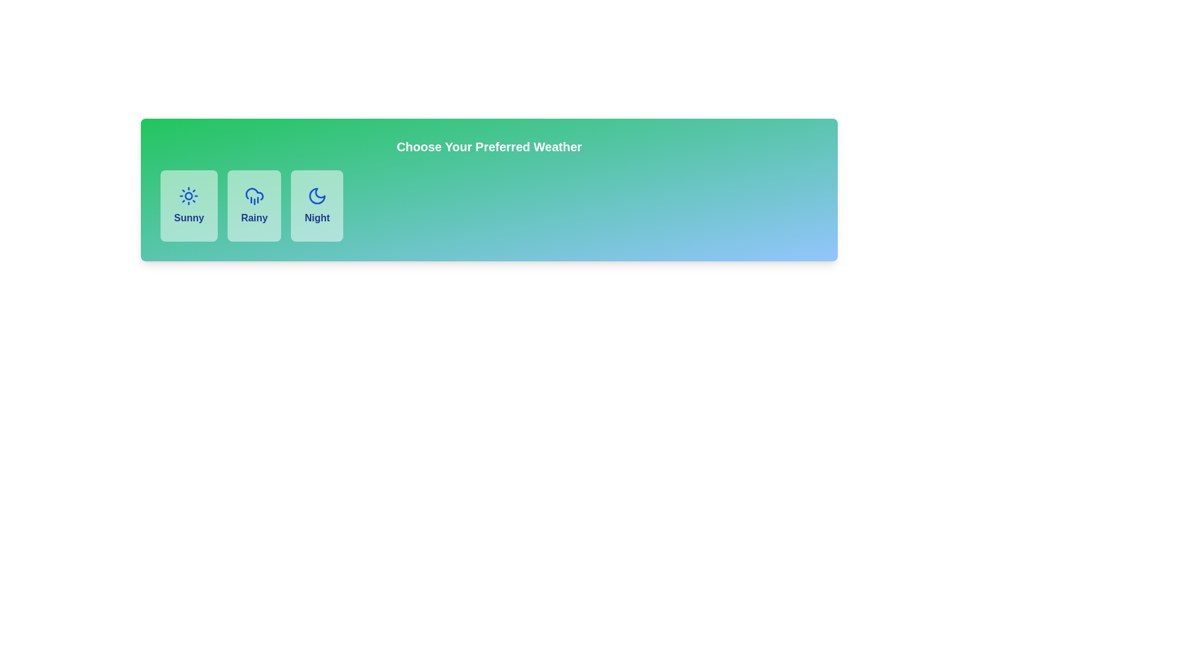  What do you see at coordinates (188, 196) in the screenshot?
I see `the small circular shape that represents the sunny weather option within the sun icon located at the top-left section of the application interface` at bounding box center [188, 196].